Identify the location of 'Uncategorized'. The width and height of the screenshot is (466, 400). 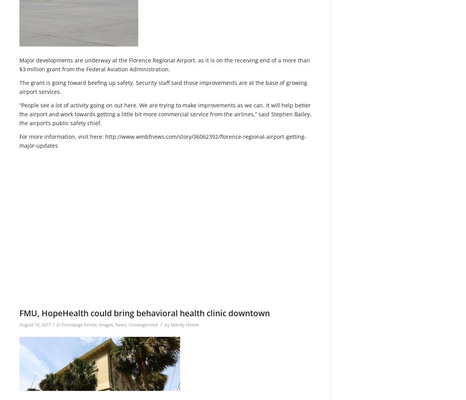
(143, 324).